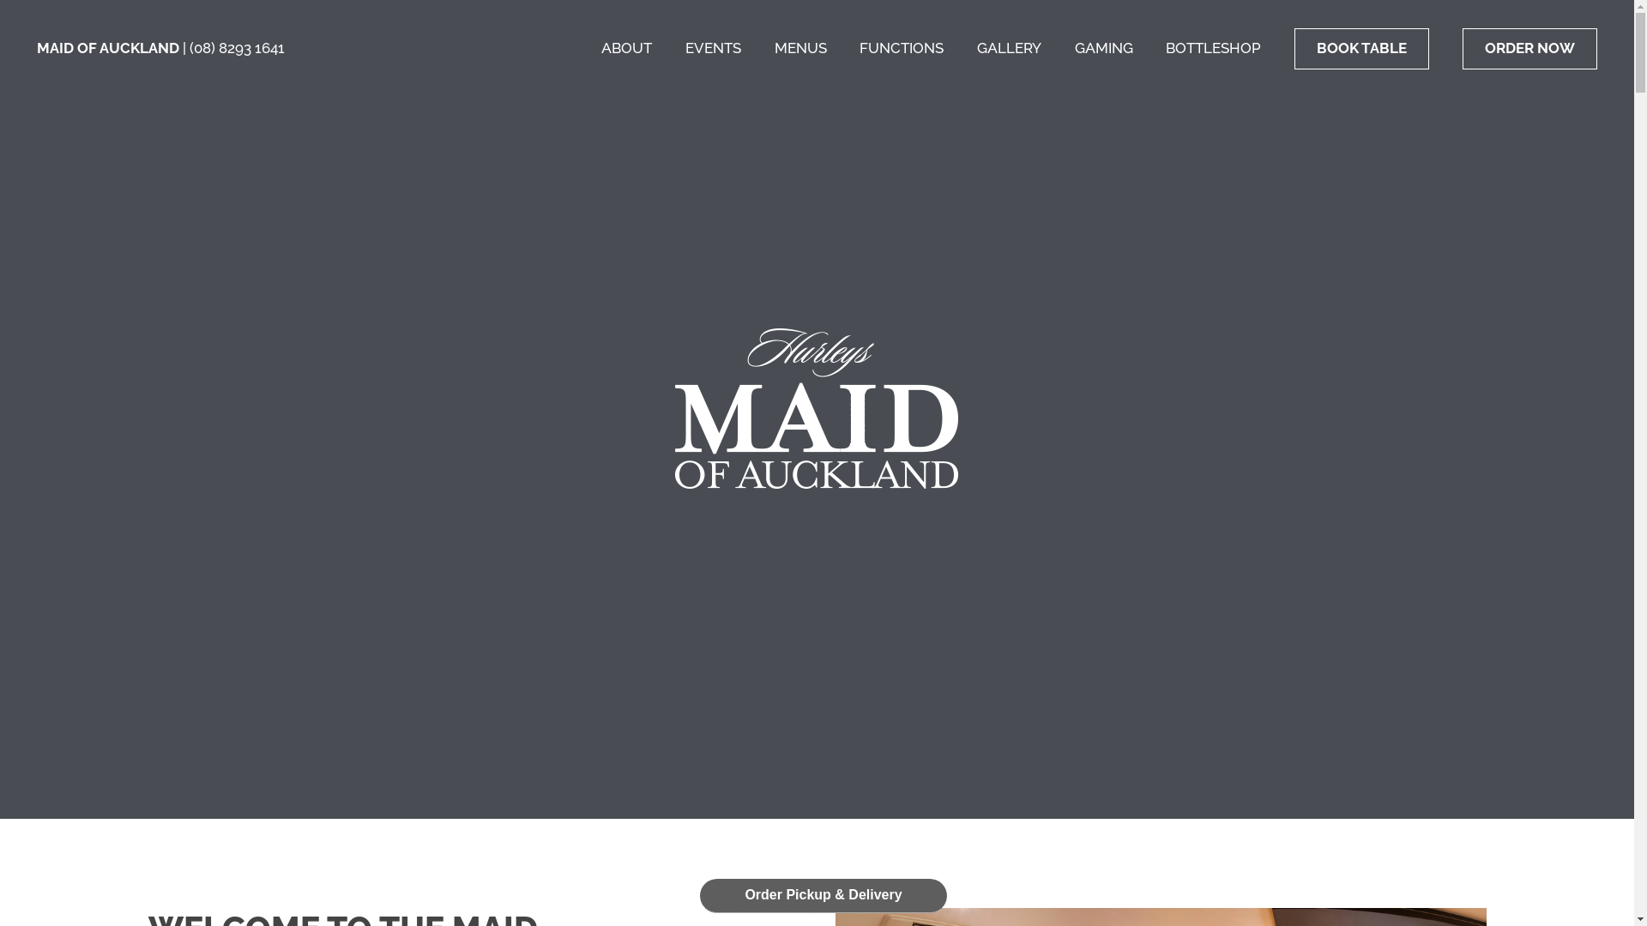 The height and width of the screenshot is (926, 1647). Describe the element at coordinates (1529, 48) in the screenshot. I see `'ORDER NOW'` at that location.